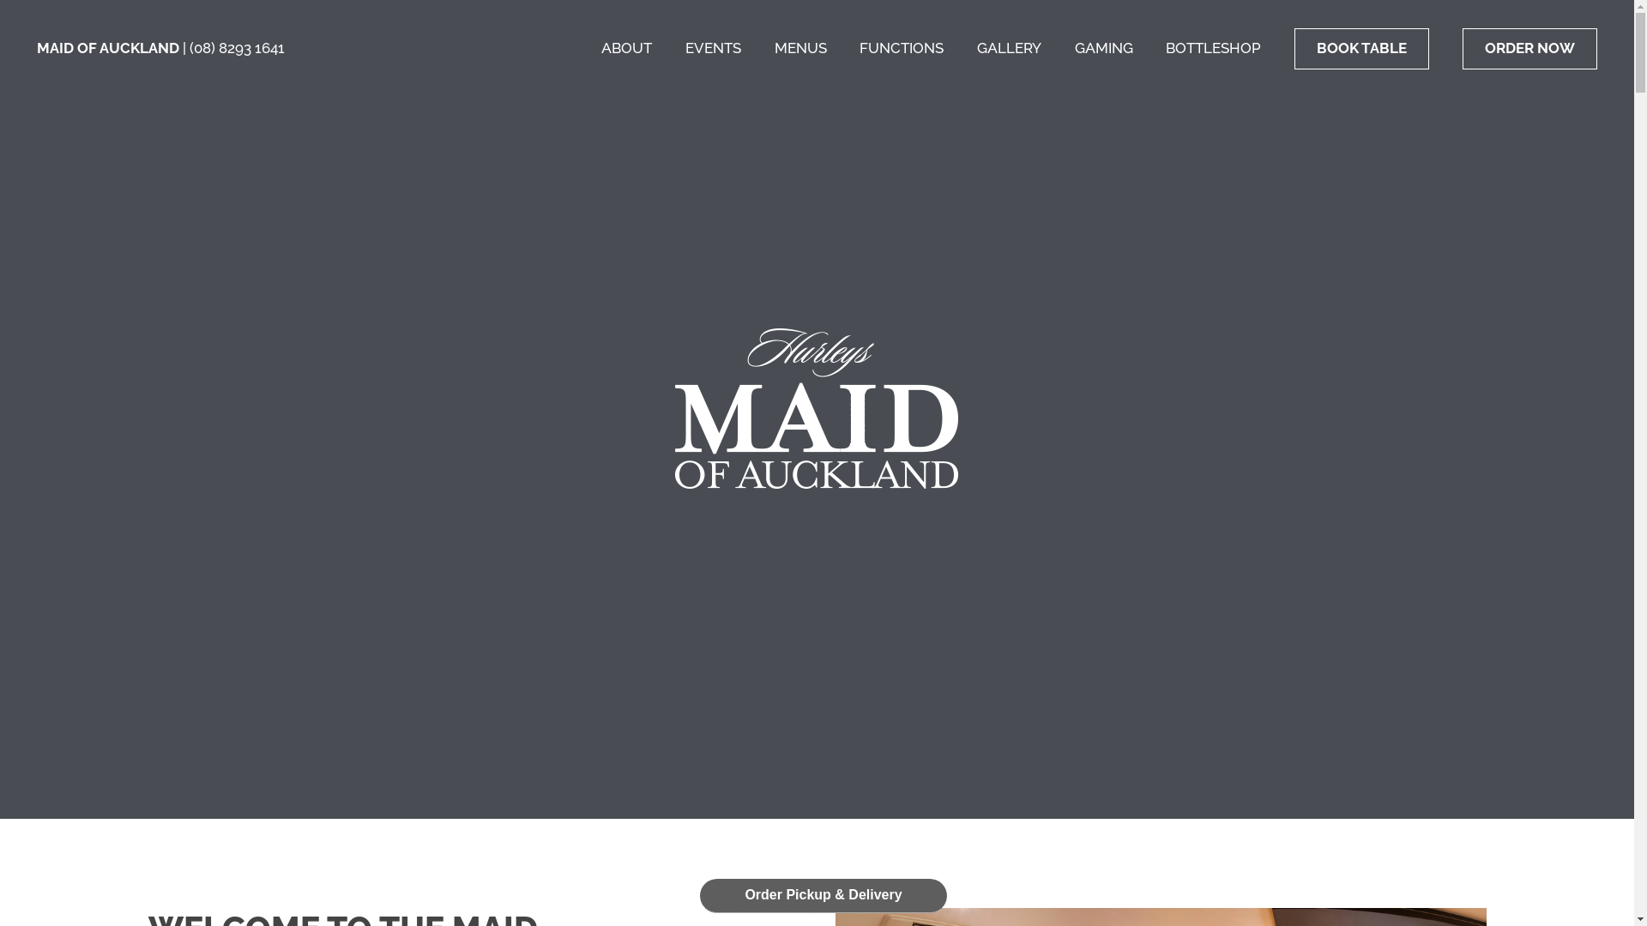 The height and width of the screenshot is (926, 1647). Describe the element at coordinates (1529, 48) in the screenshot. I see `'ORDER NOW'` at that location.